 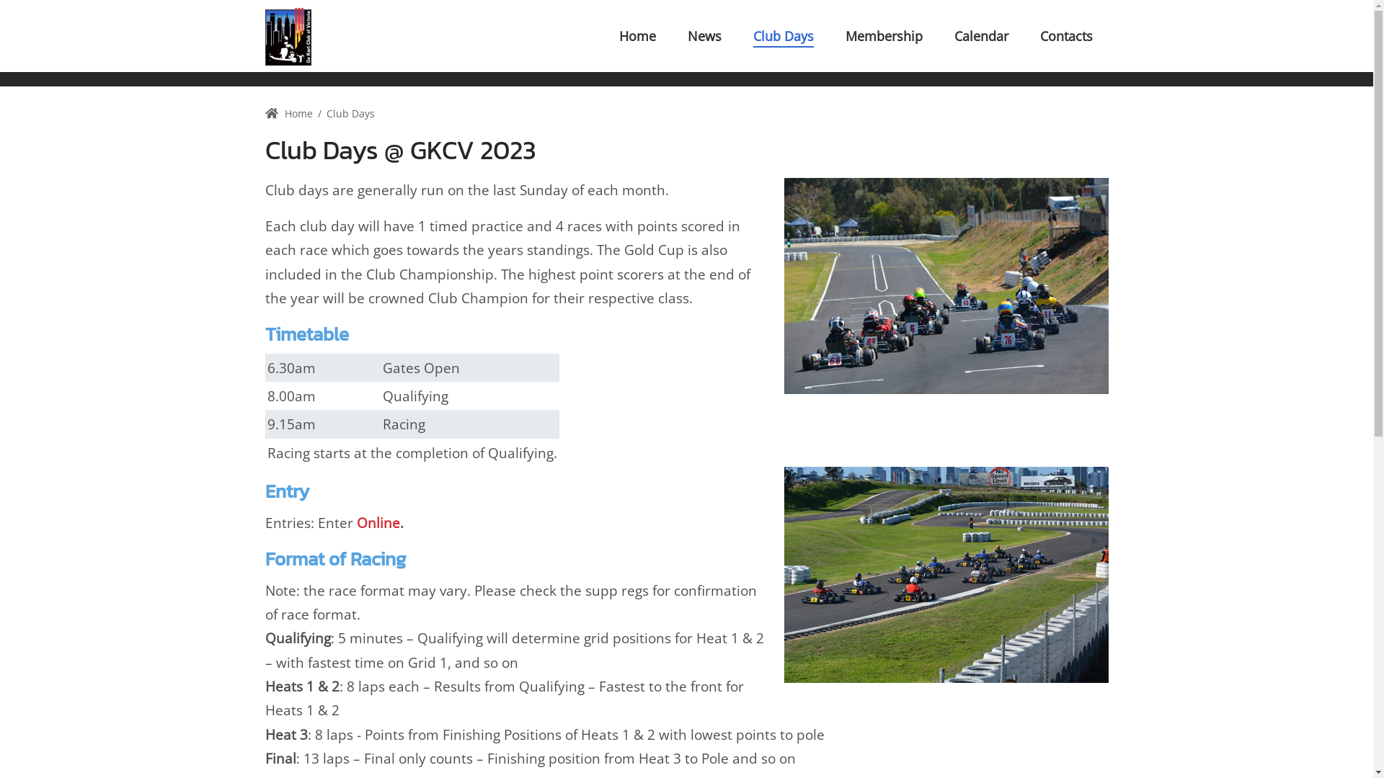 What do you see at coordinates (288, 112) in the screenshot?
I see `'Home'` at bounding box center [288, 112].